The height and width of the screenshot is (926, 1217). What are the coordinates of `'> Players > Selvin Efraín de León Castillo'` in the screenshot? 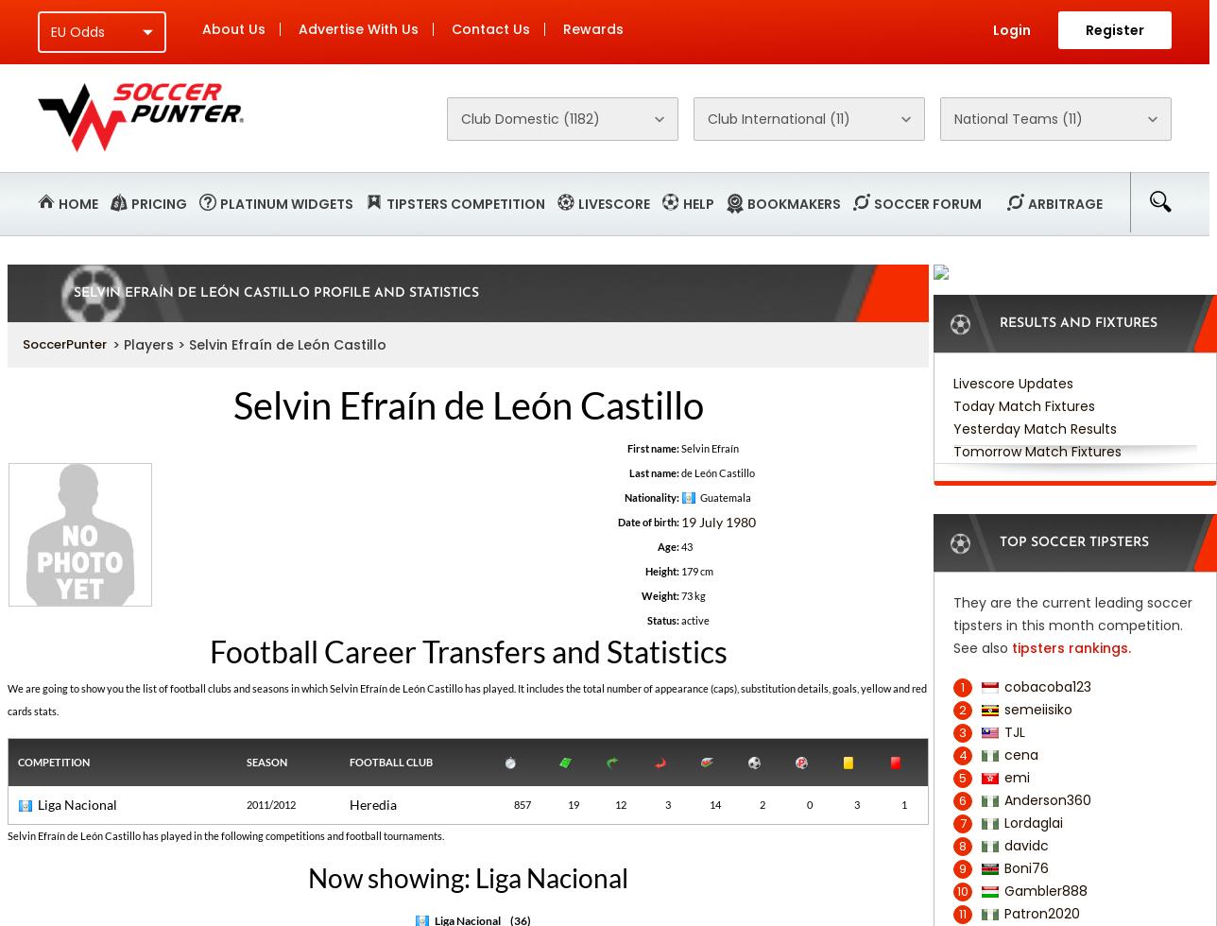 It's located at (249, 344).